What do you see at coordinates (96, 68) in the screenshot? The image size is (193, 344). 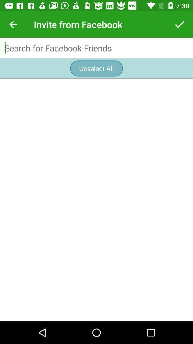 I see `unselect all icon` at bounding box center [96, 68].